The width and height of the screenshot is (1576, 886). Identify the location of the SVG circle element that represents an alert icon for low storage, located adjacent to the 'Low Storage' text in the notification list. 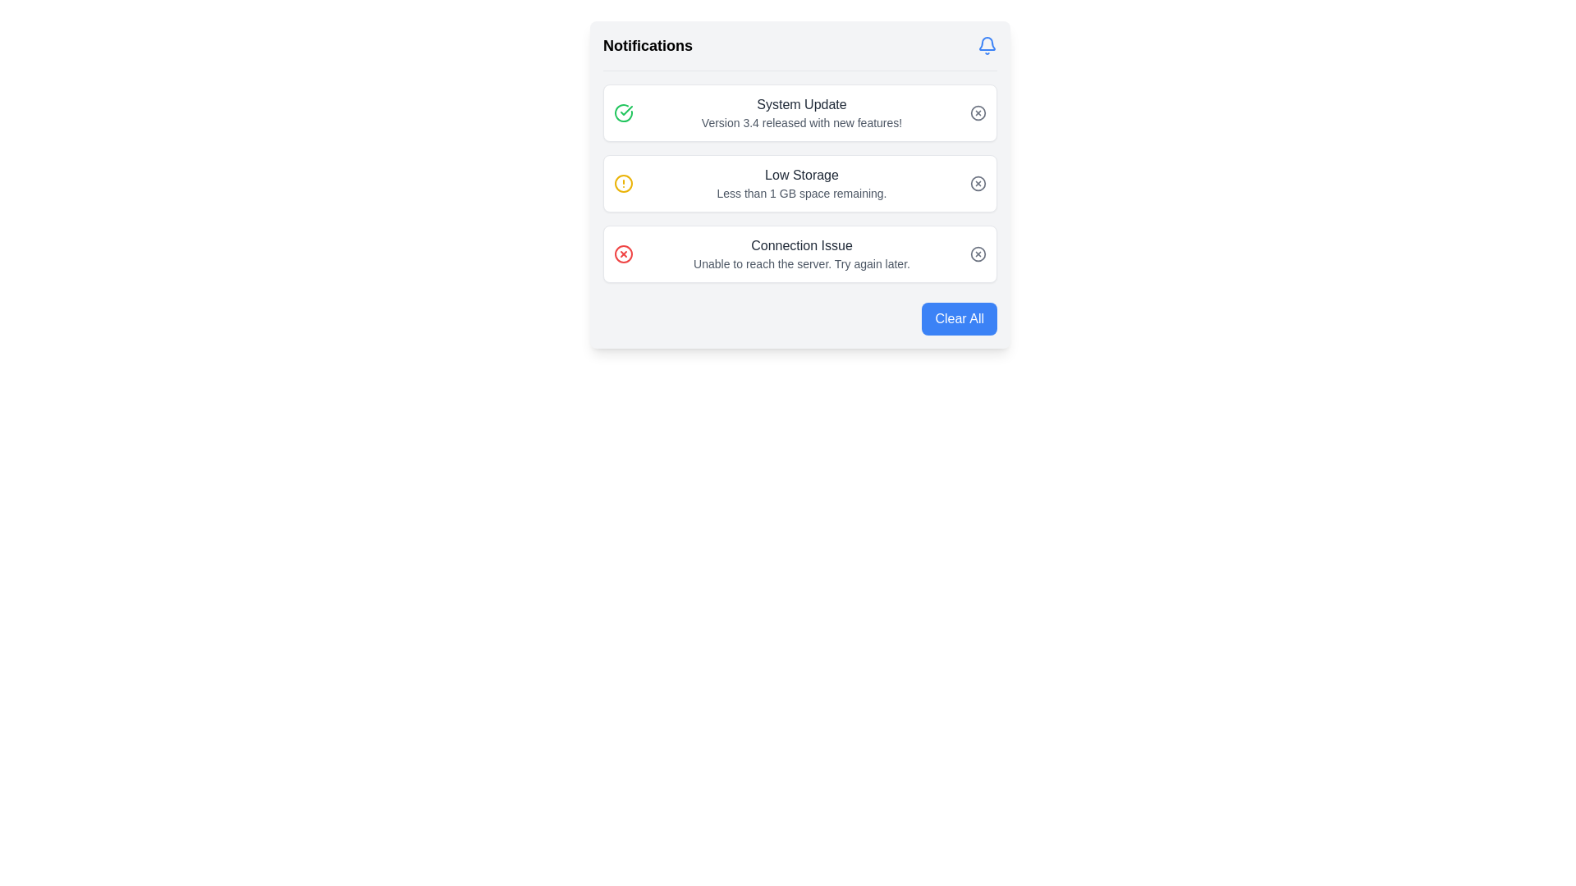
(622, 183).